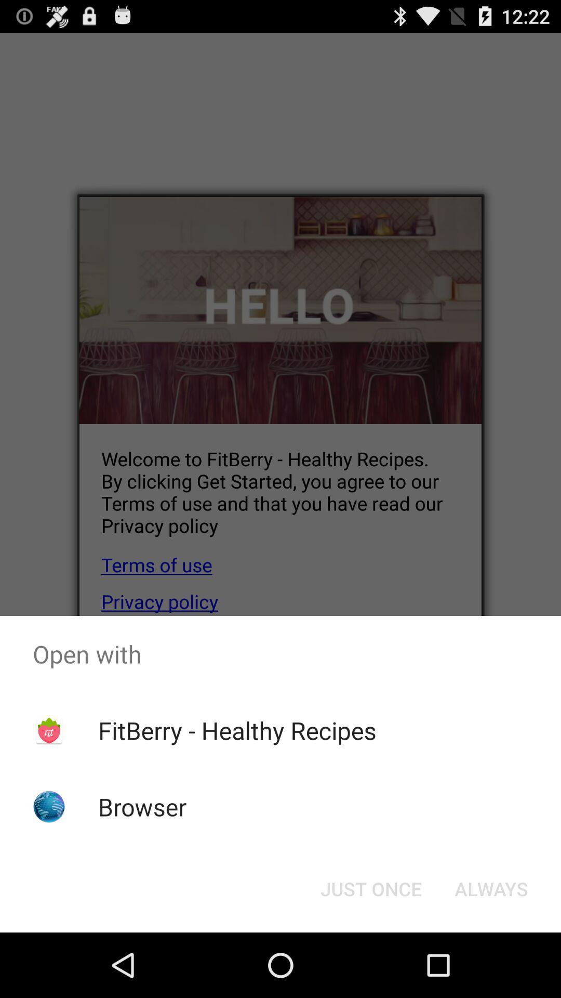 This screenshot has width=561, height=998. What do you see at coordinates (142, 806) in the screenshot?
I see `browser item` at bounding box center [142, 806].